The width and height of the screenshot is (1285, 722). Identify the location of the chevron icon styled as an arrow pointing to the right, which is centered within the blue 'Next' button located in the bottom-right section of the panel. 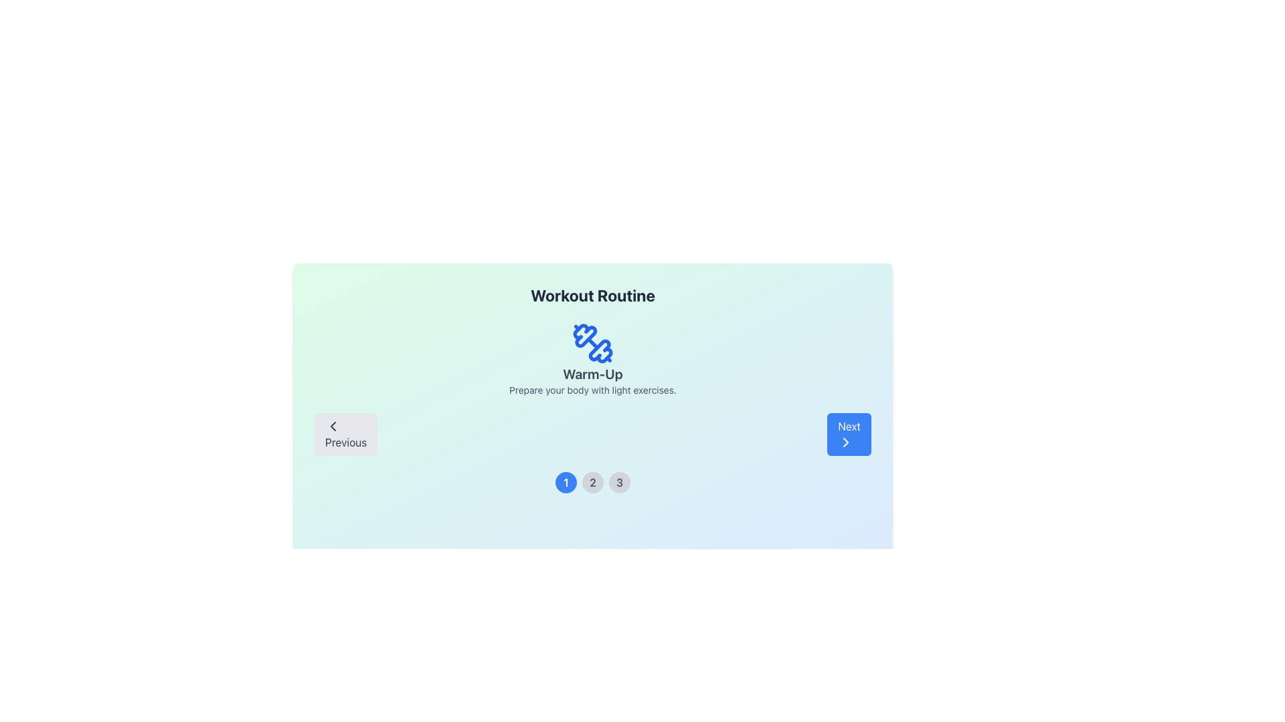
(845, 443).